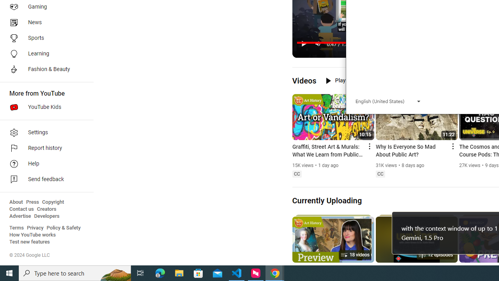 The height and width of the screenshot is (281, 499). Describe the element at coordinates (44, 180) in the screenshot. I see `'Send feedback'` at that location.